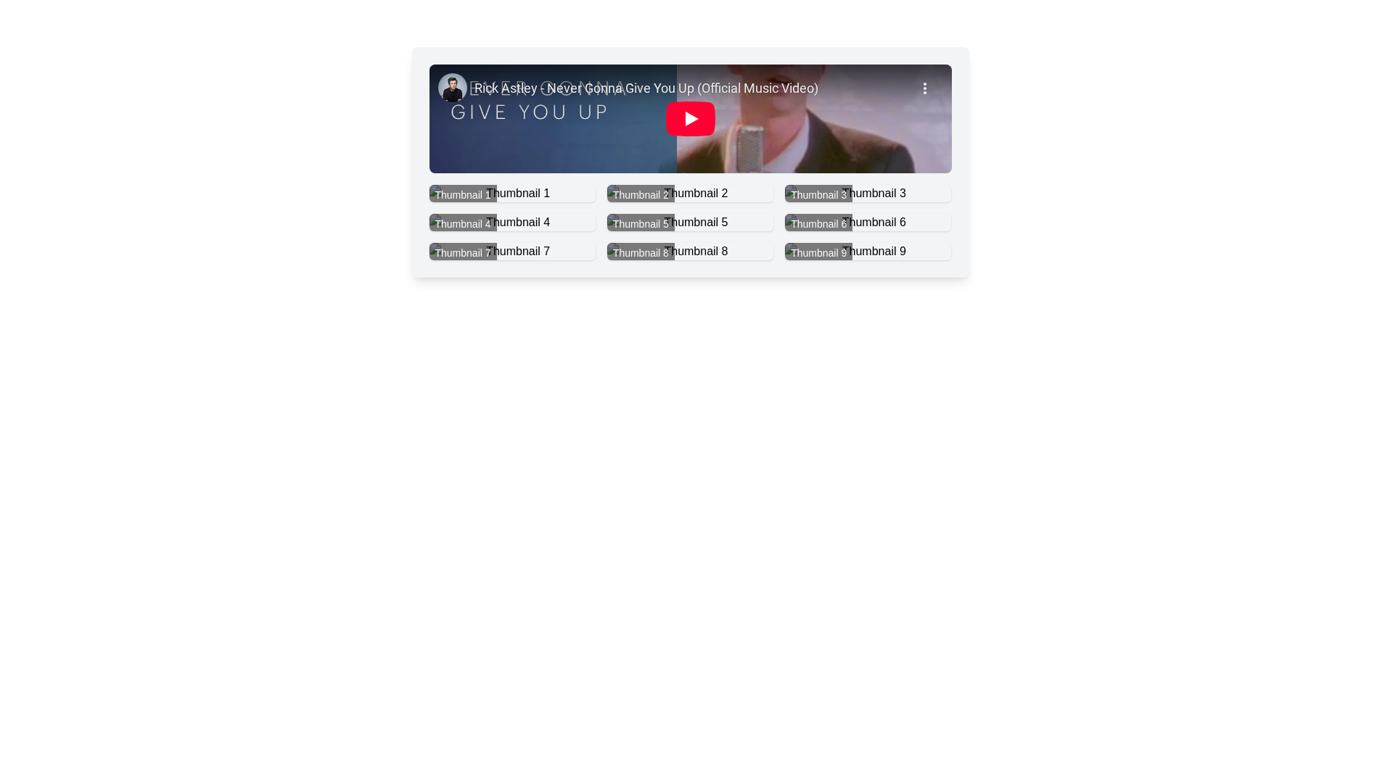 The image size is (1393, 783). What do you see at coordinates (689, 251) in the screenshot?
I see `the eighth image thumbnail located in the center column of the third row of the grid, which serves as a visual reference or preview item` at bounding box center [689, 251].